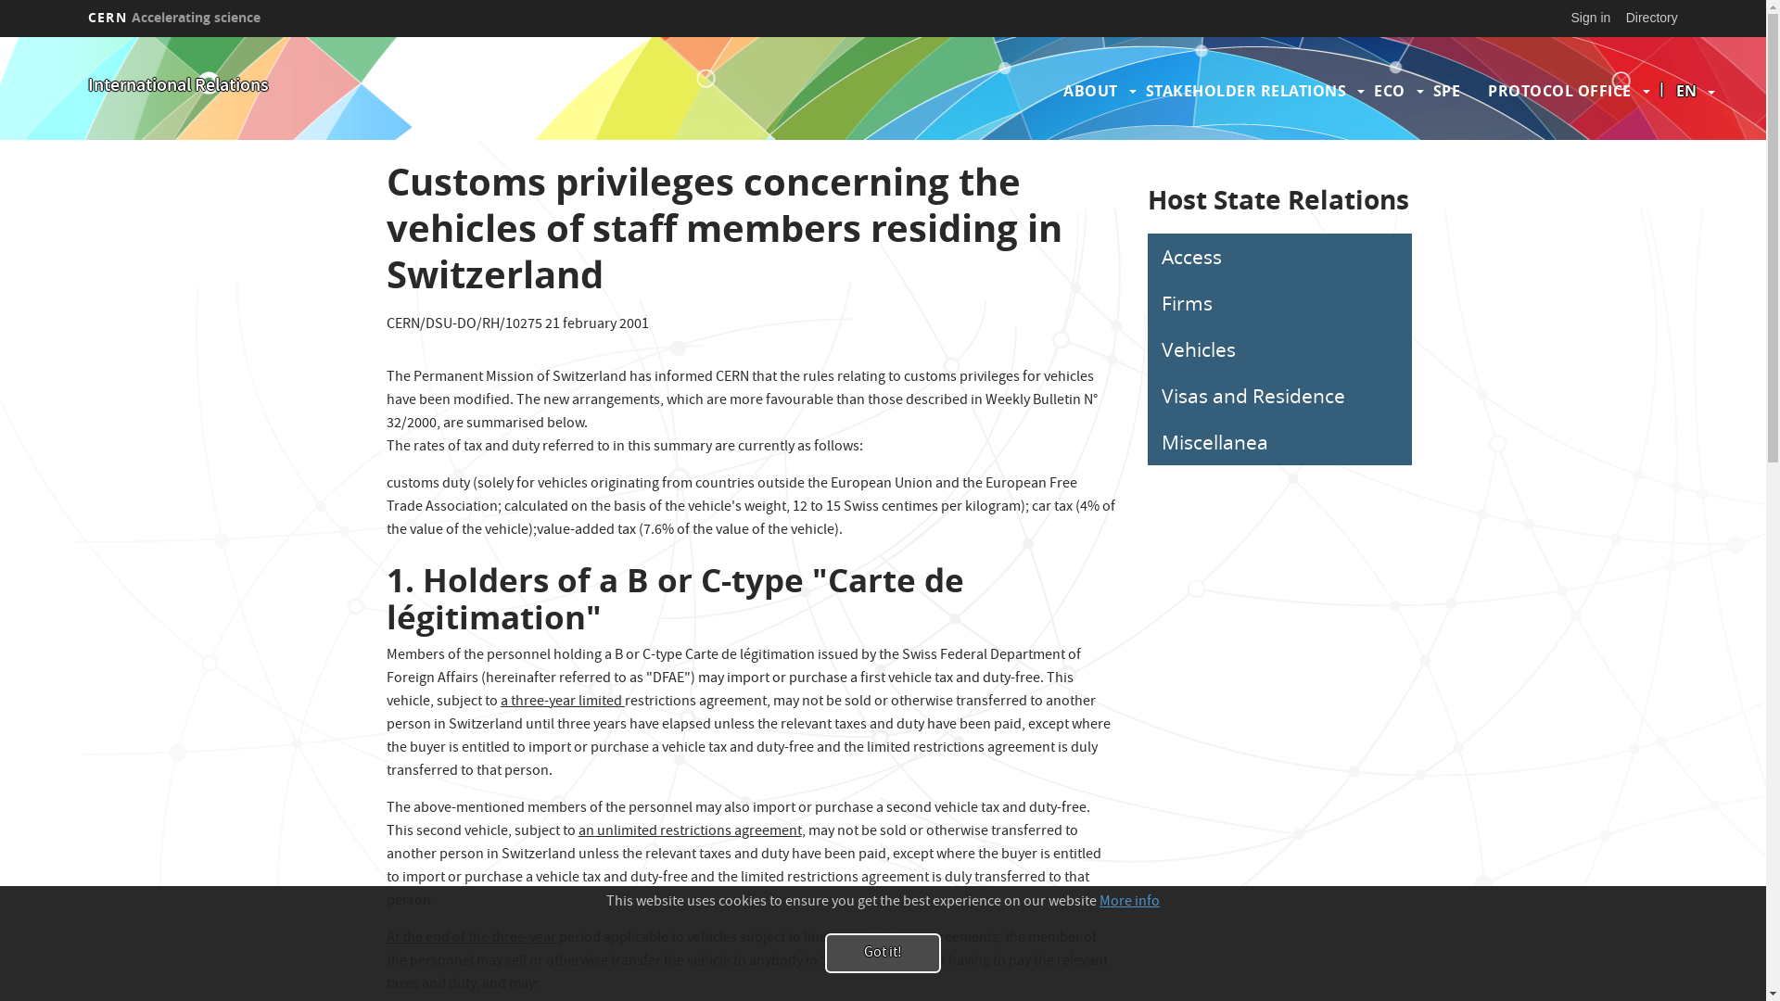  I want to click on 'Directory', so click(1651, 18).